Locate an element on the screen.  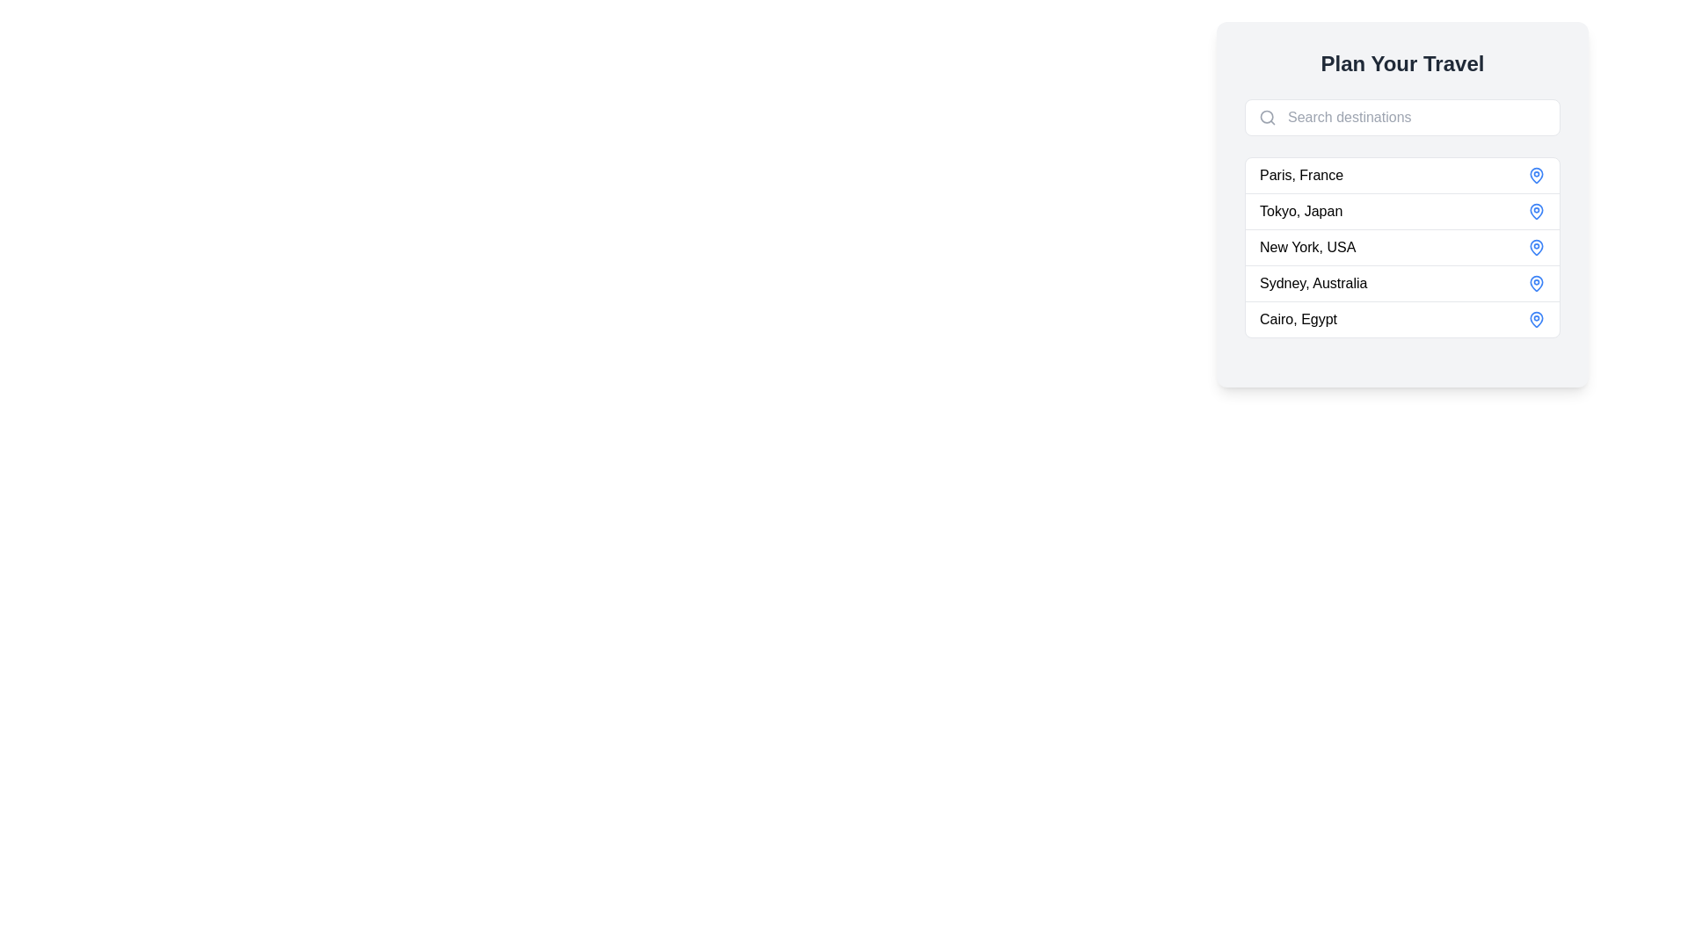
the magnifying glass icon located in the upper-left corner of the search input field in the 'Plan Your Travel' section is located at coordinates (1267, 118).